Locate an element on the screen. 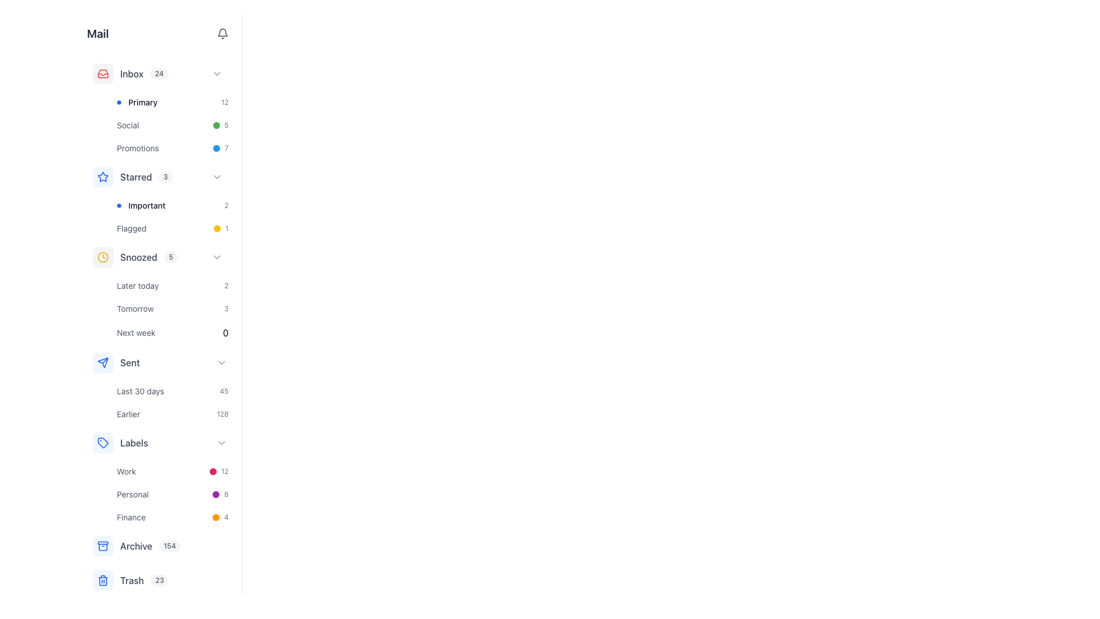  the text displaying the number '12' is located at coordinates (225, 471).